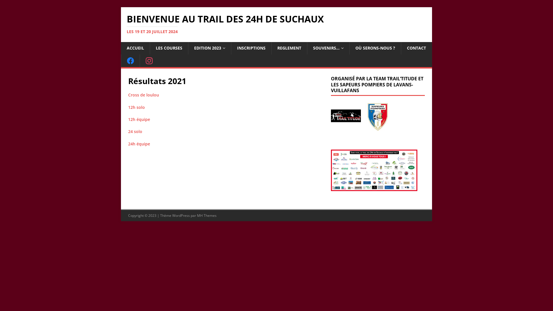 The image size is (553, 311). Describe the element at coordinates (197, 215) in the screenshot. I see `'MH Themes'` at that location.